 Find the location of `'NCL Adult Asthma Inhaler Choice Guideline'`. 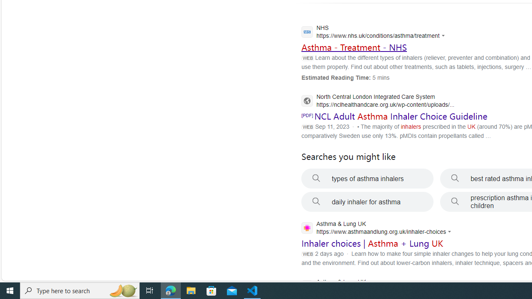

'NCL Adult Asthma Inhaler Choice Guideline' is located at coordinates (401, 116).